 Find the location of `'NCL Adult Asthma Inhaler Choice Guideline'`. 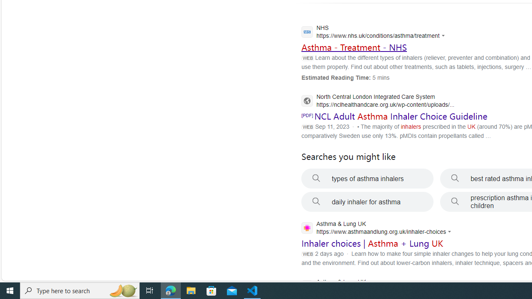

'NCL Adult Asthma Inhaler Choice Guideline' is located at coordinates (401, 116).